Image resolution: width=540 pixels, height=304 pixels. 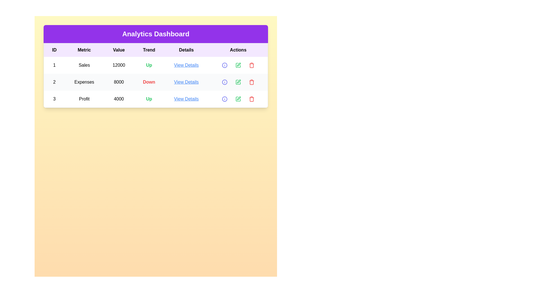 I want to click on the green pen icon button located in the 'Actions' column of the second row (metric: Expenses) in the table, so click(x=238, y=82).